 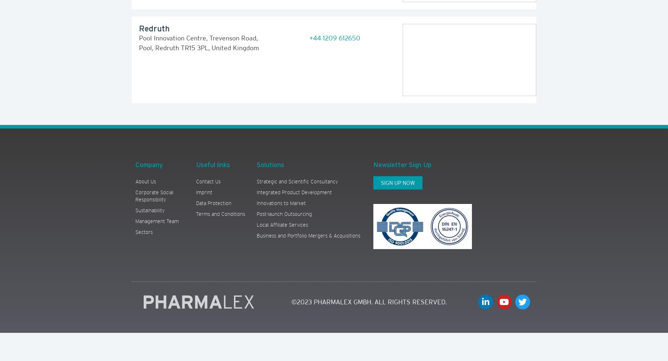 What do you see at coordinates (138, 28) in the screenshot?
I see `'Redruth'` at bounding box center [138, 28].